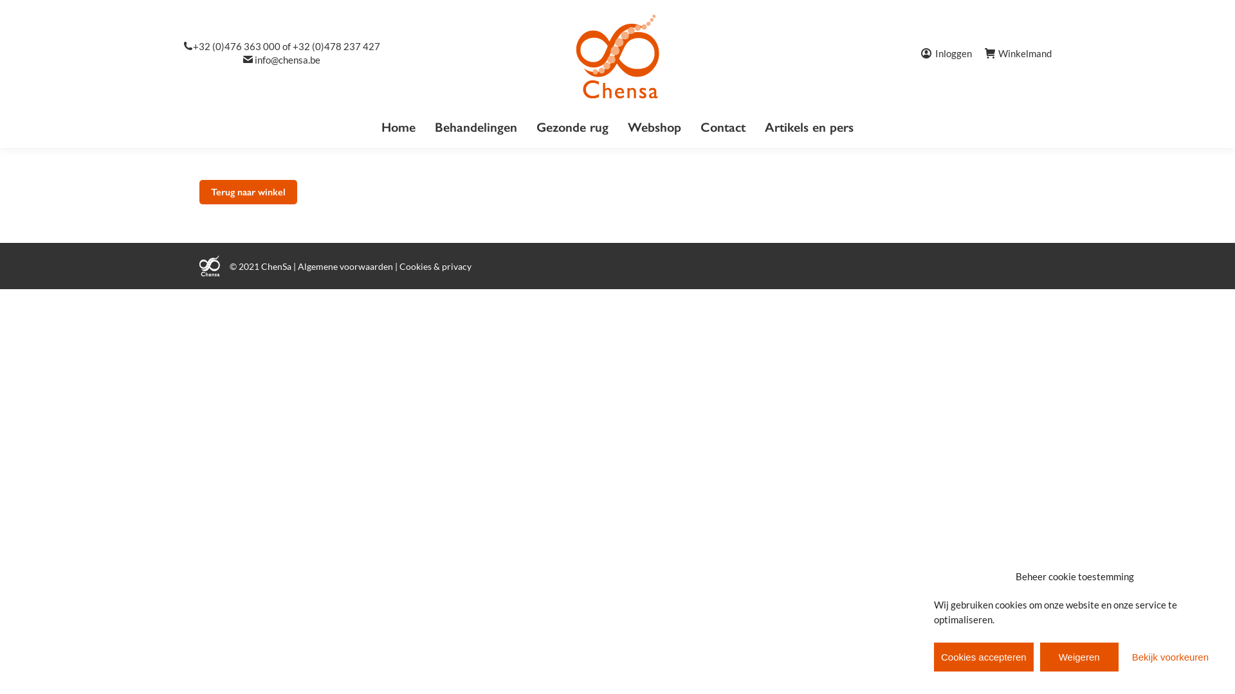  I want to click on 'Cookies accepteren', so click(983, 657).